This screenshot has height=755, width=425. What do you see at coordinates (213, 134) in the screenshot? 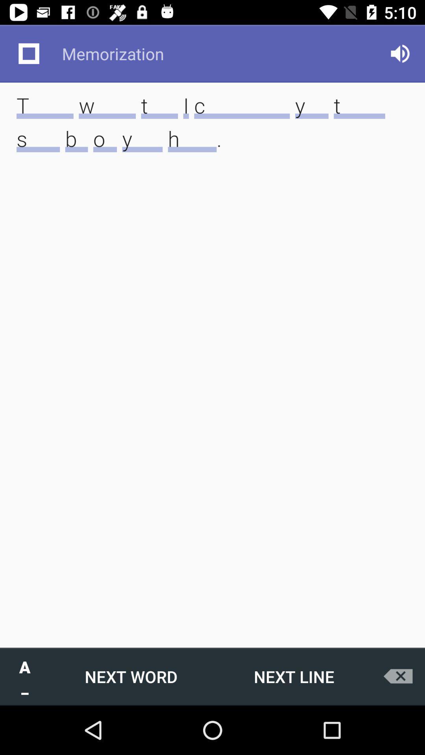
I see `the these words that item` at bounding box center [213, 134].